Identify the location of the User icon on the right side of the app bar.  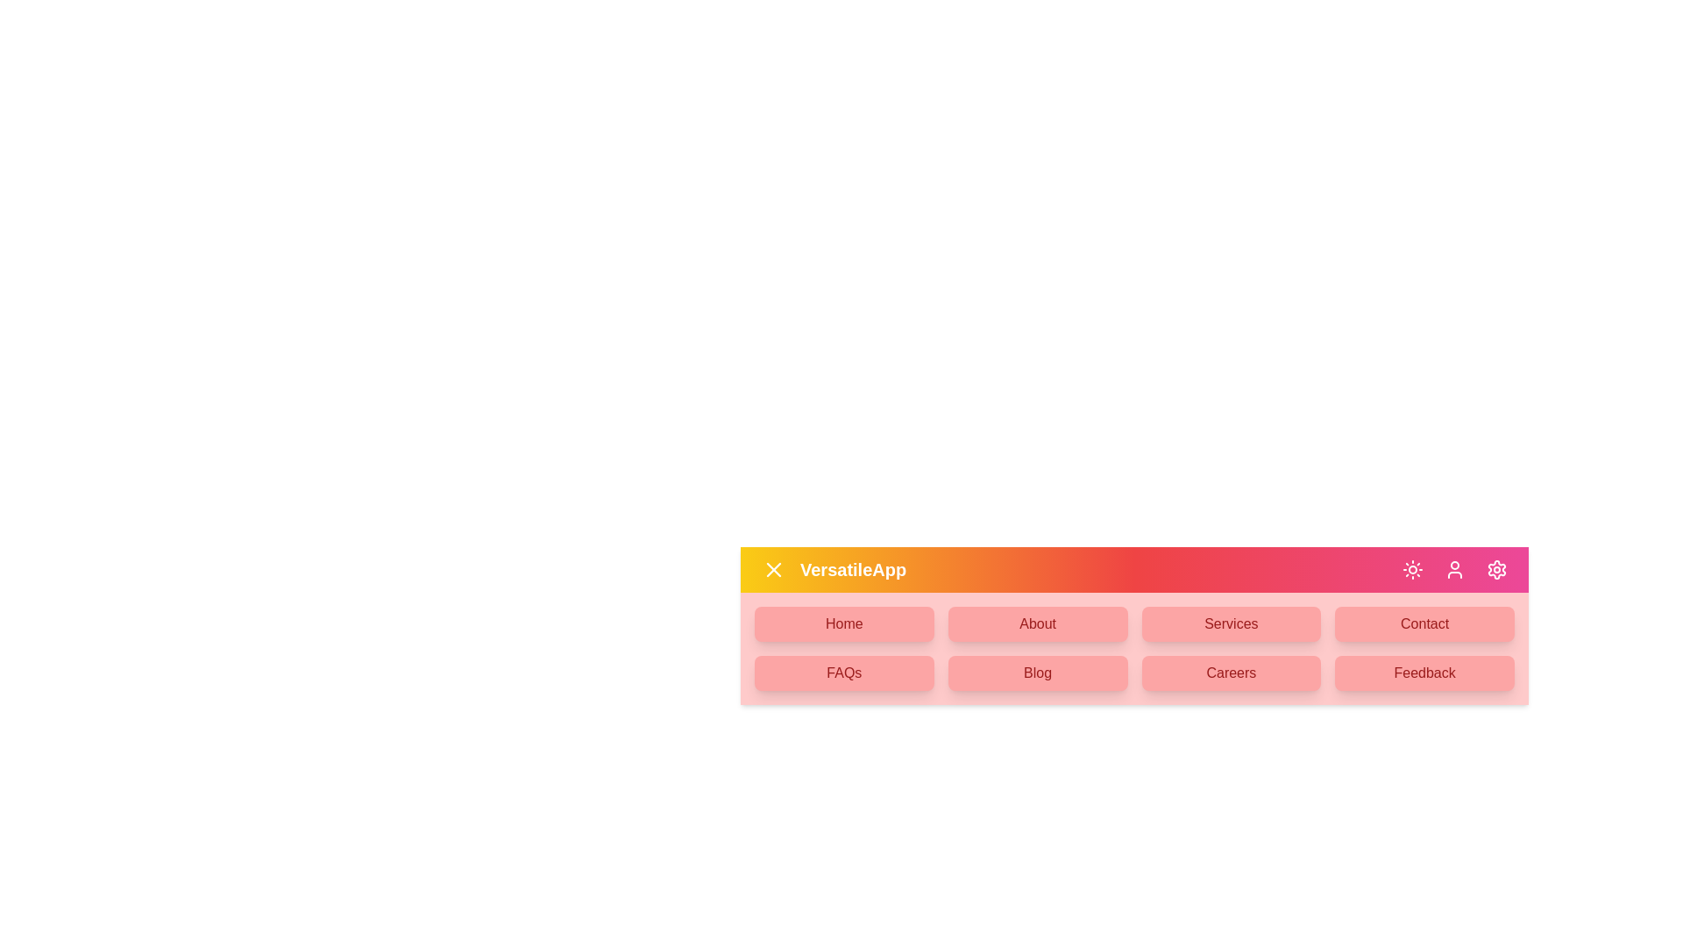
(1455, 570).